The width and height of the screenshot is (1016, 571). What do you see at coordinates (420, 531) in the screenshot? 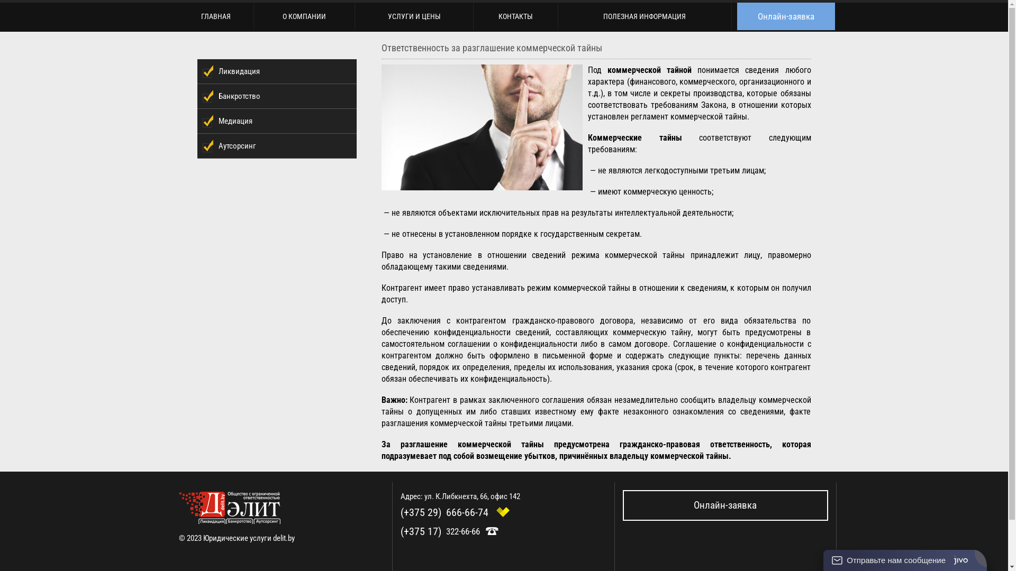
I see `'(+375 17)'` at bounding box center [420, 531].